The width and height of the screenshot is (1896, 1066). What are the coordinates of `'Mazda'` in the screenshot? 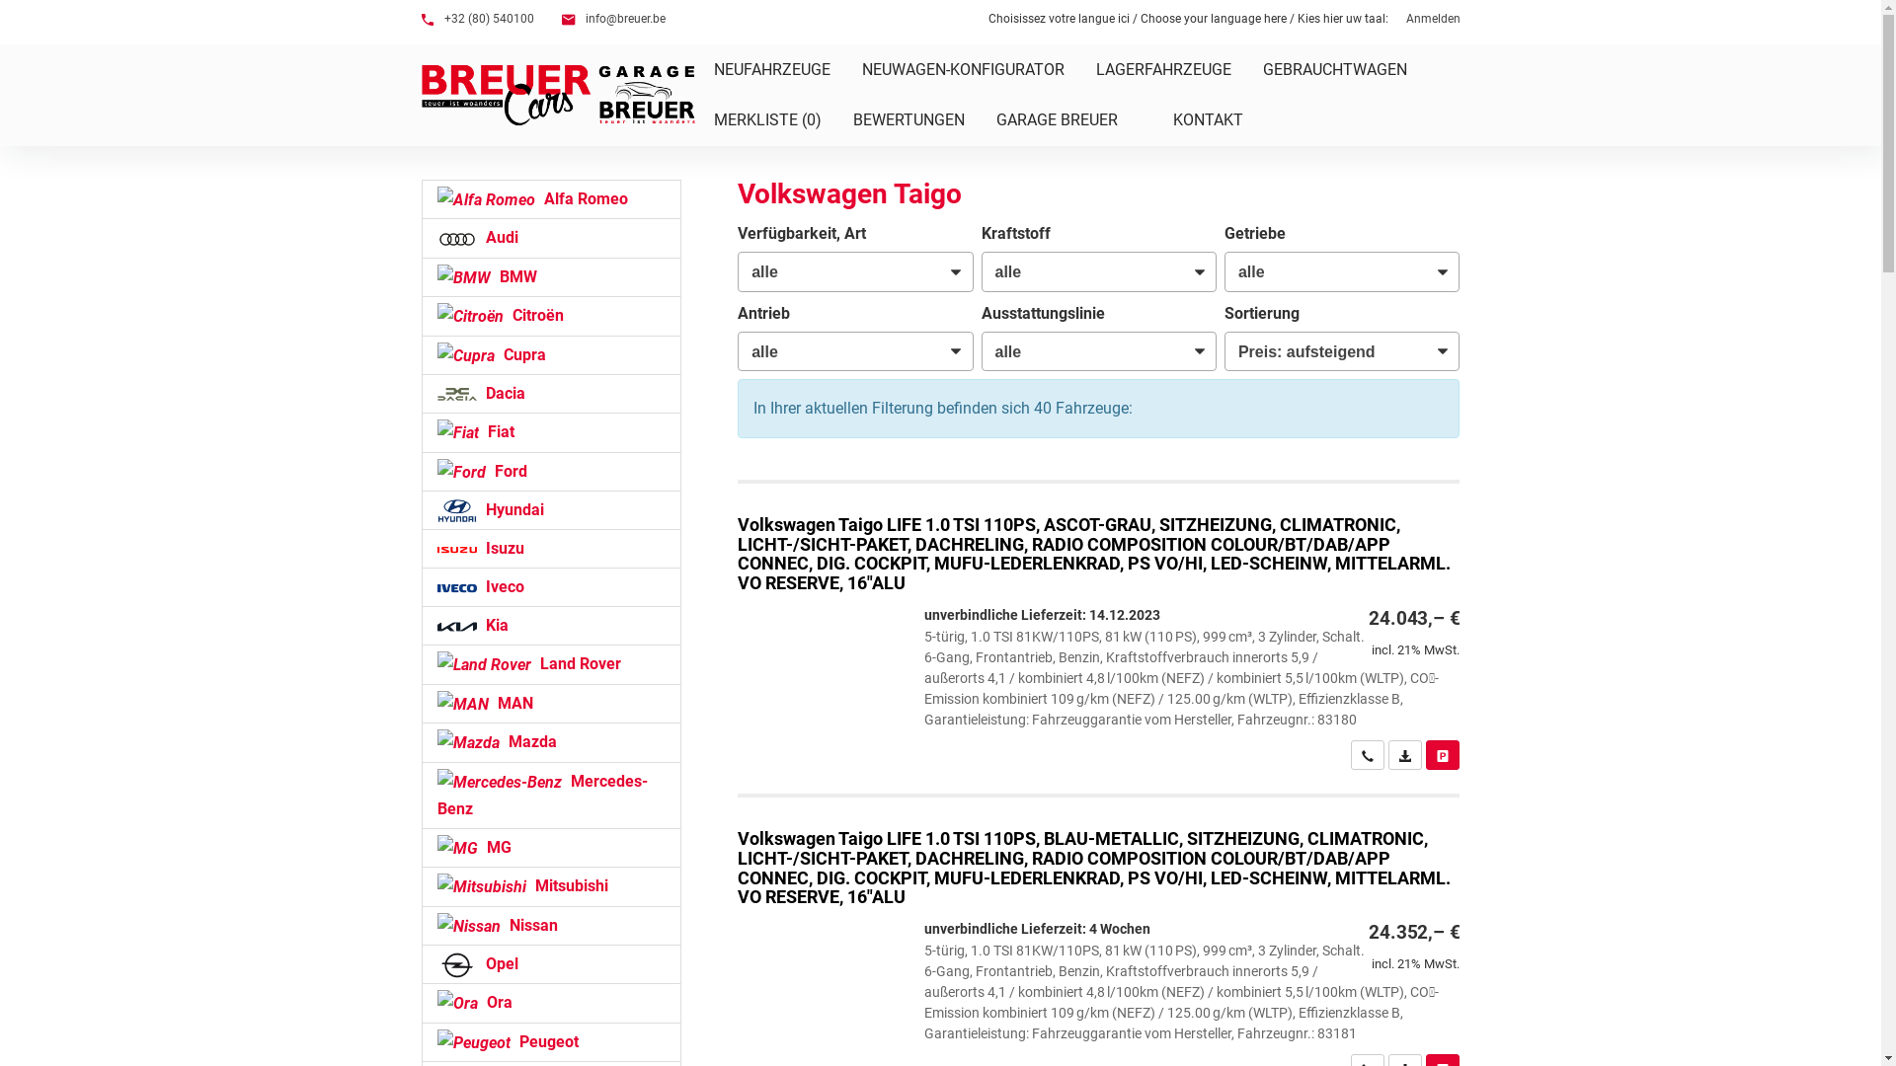 It's located at (550, 742).